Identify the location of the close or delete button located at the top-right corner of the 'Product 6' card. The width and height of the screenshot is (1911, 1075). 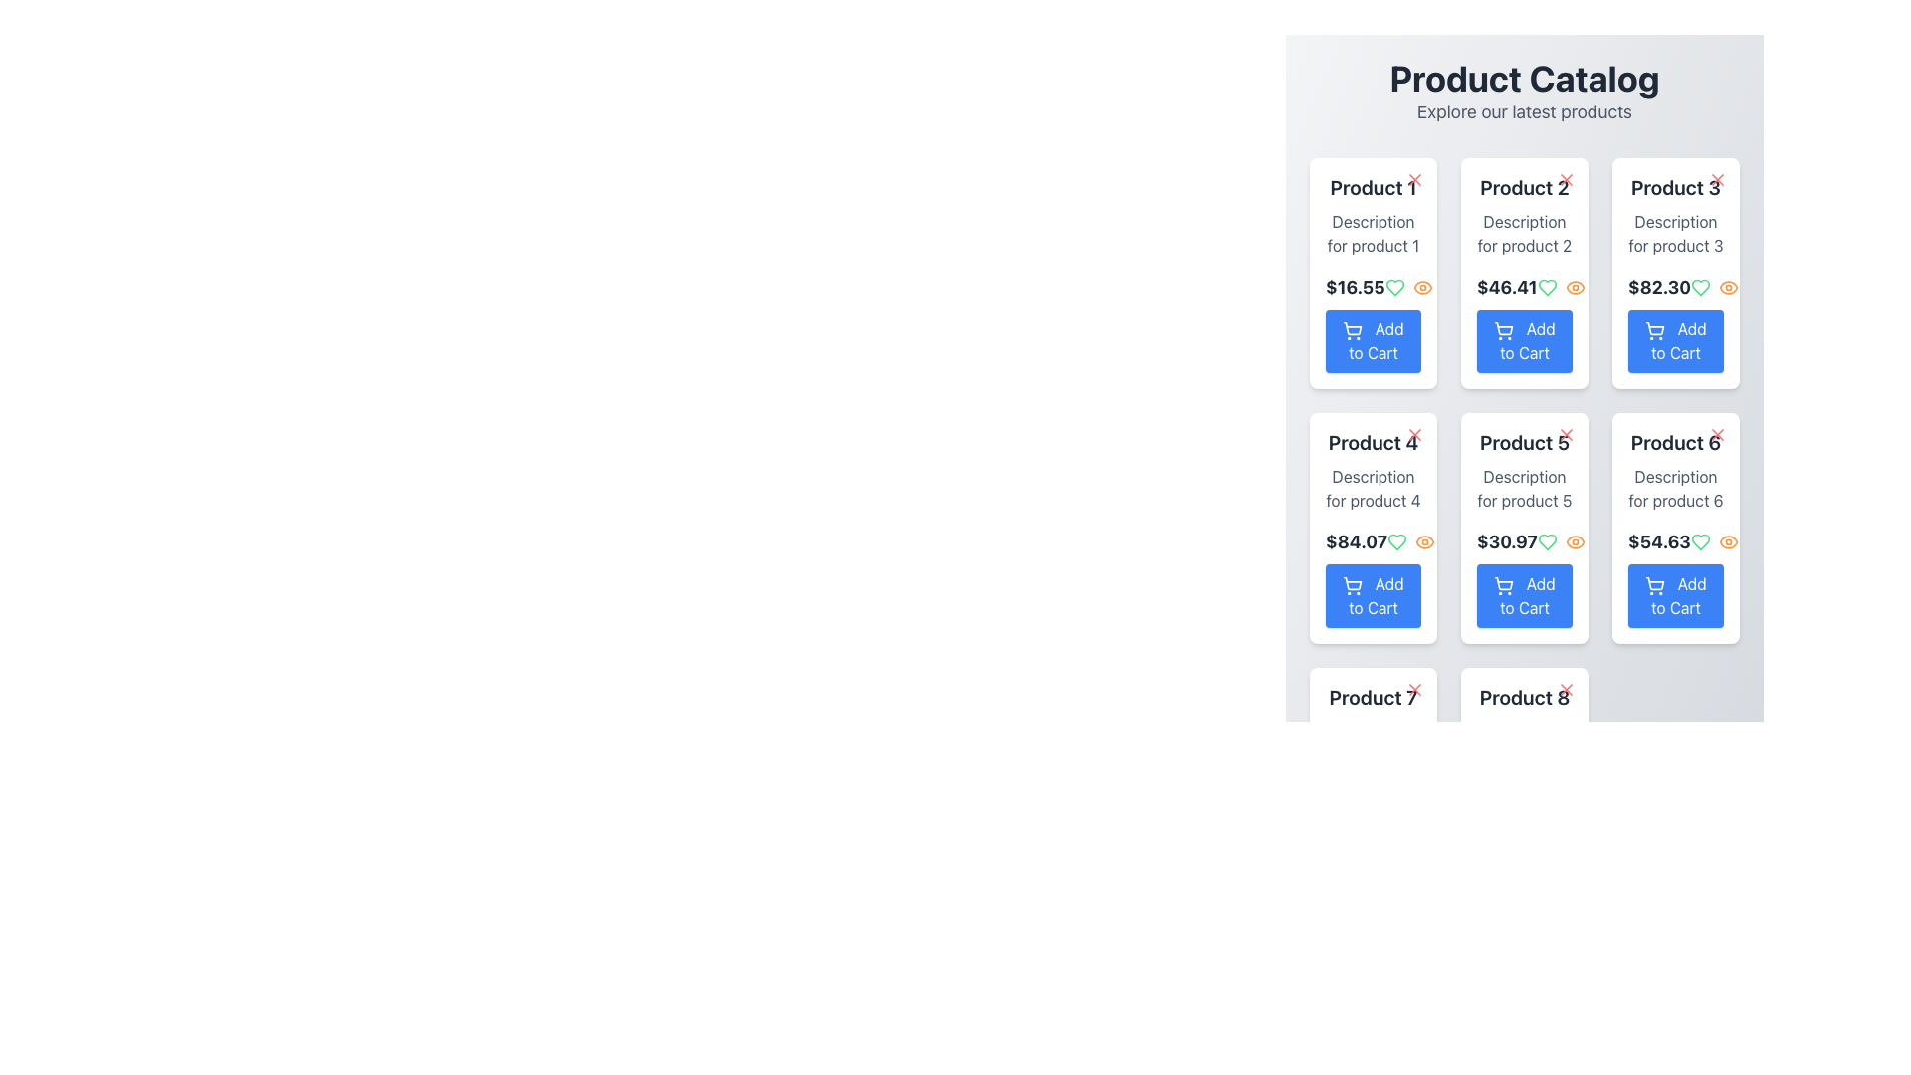
(1717, 433).